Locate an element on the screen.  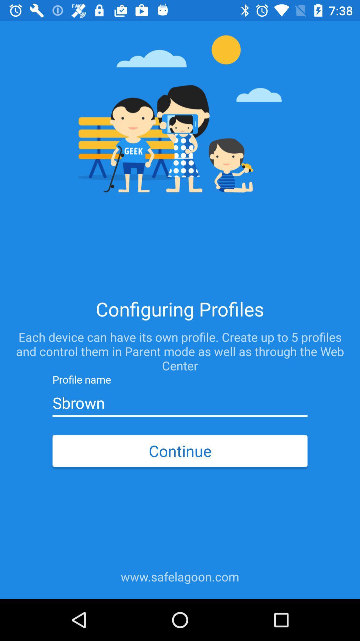
the icon below each device can icon is located at coordinates (180, 403).